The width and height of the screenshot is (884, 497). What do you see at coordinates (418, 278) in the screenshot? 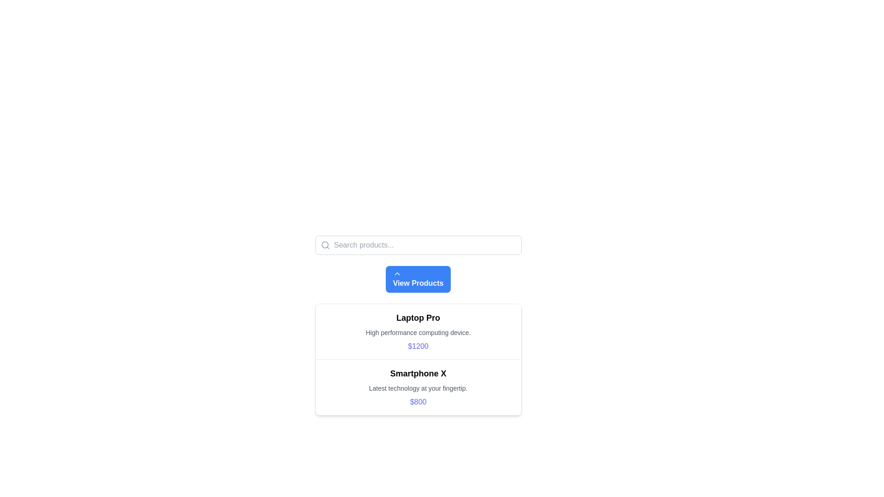
I see `the button positioned below the search bar and above the list of product descriptions to potentially reveal a tooltip` at bounding box center [418, 278].